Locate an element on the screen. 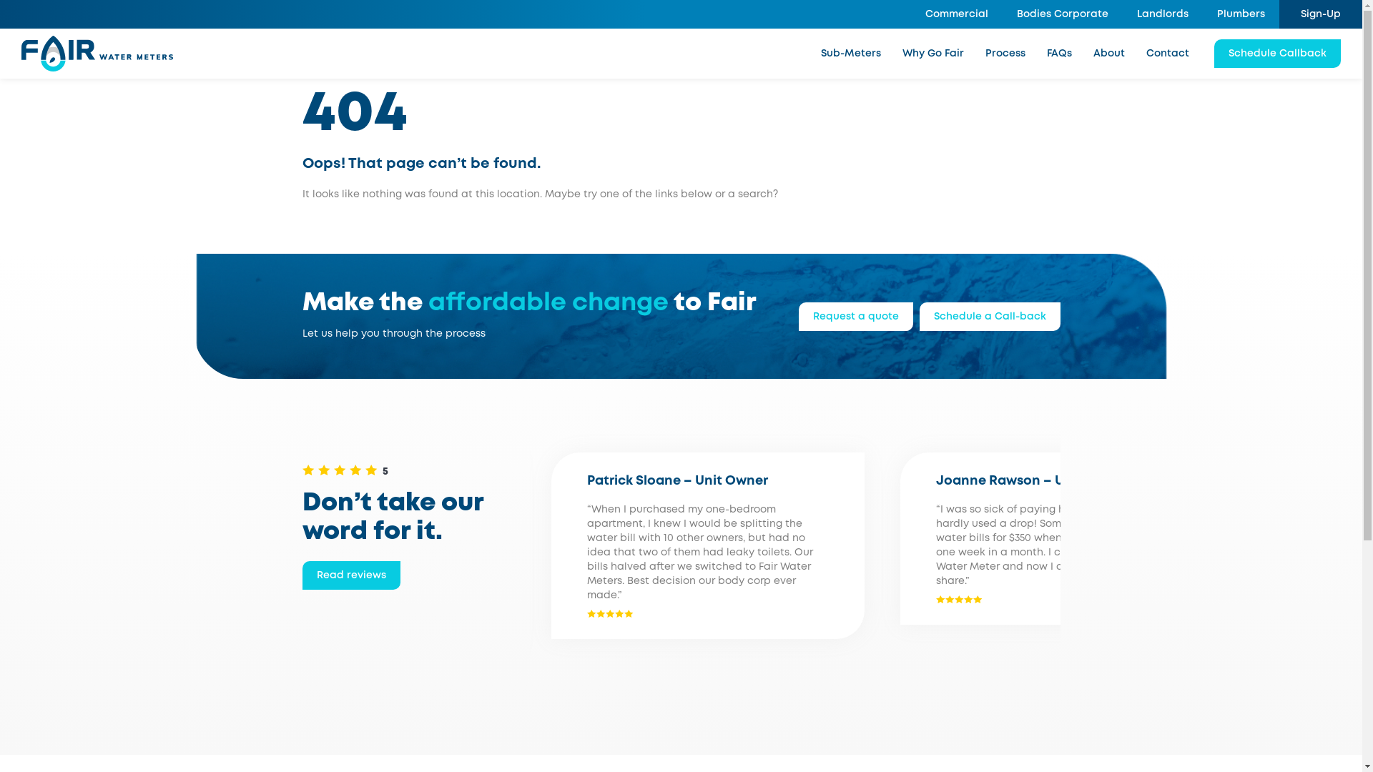 The height and width of the screenshot is (772, 1373). 'Sign-Up' is located at coordinates (1320, 14).